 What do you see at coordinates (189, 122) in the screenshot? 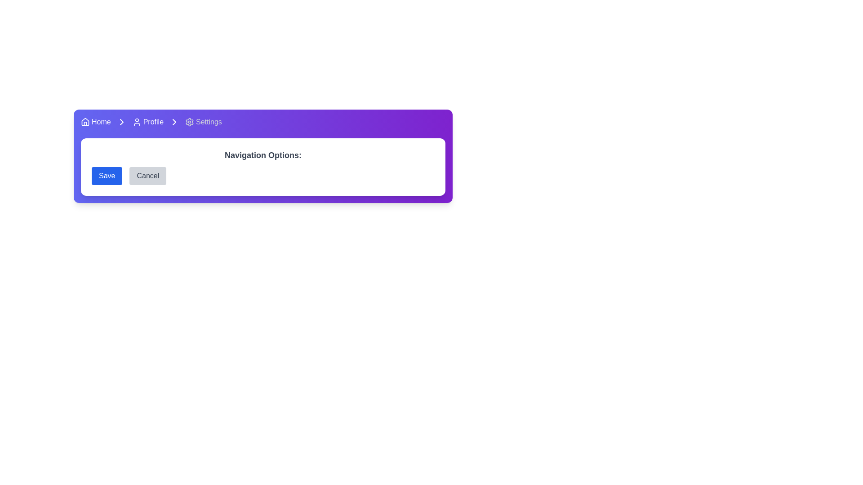
I see `the gear-shaped icon located to the left of the 'Settings' text label in the horizontal navigation bar` at bounding box center [189, 122].